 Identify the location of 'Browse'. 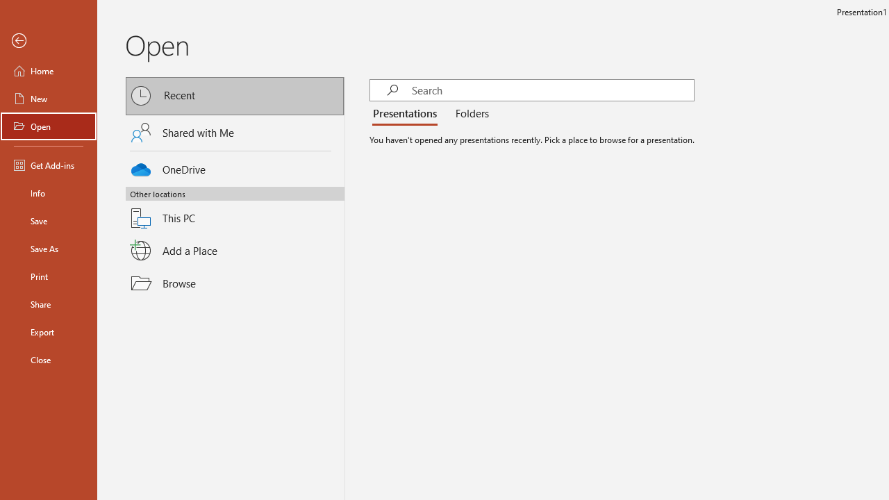
(235, 282).